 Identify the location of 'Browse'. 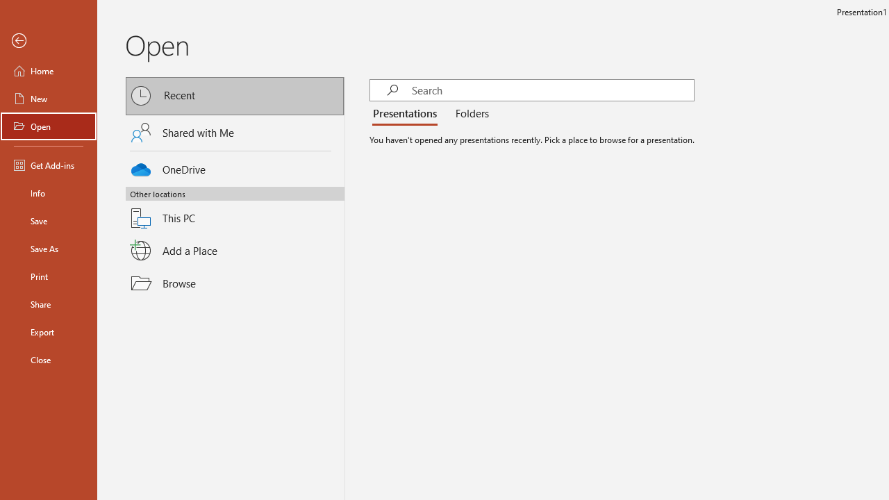
(235, 282).